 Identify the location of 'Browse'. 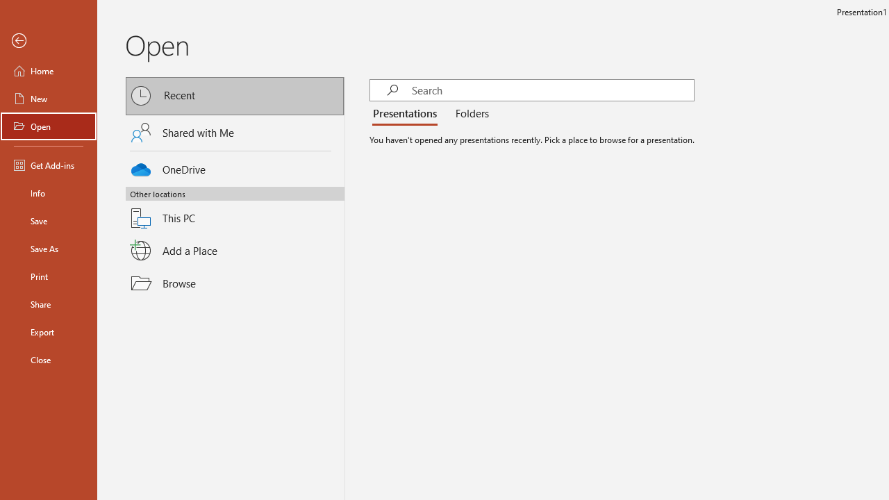
(235, 282).